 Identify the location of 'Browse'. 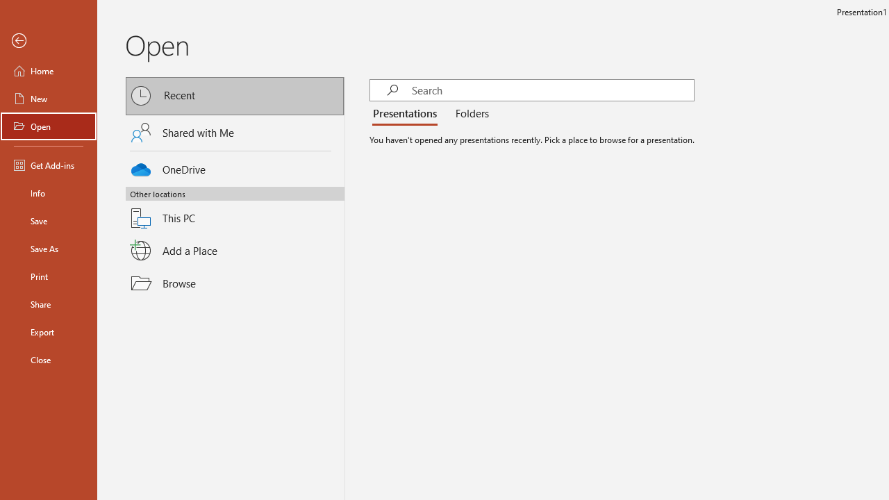
(235, 282).